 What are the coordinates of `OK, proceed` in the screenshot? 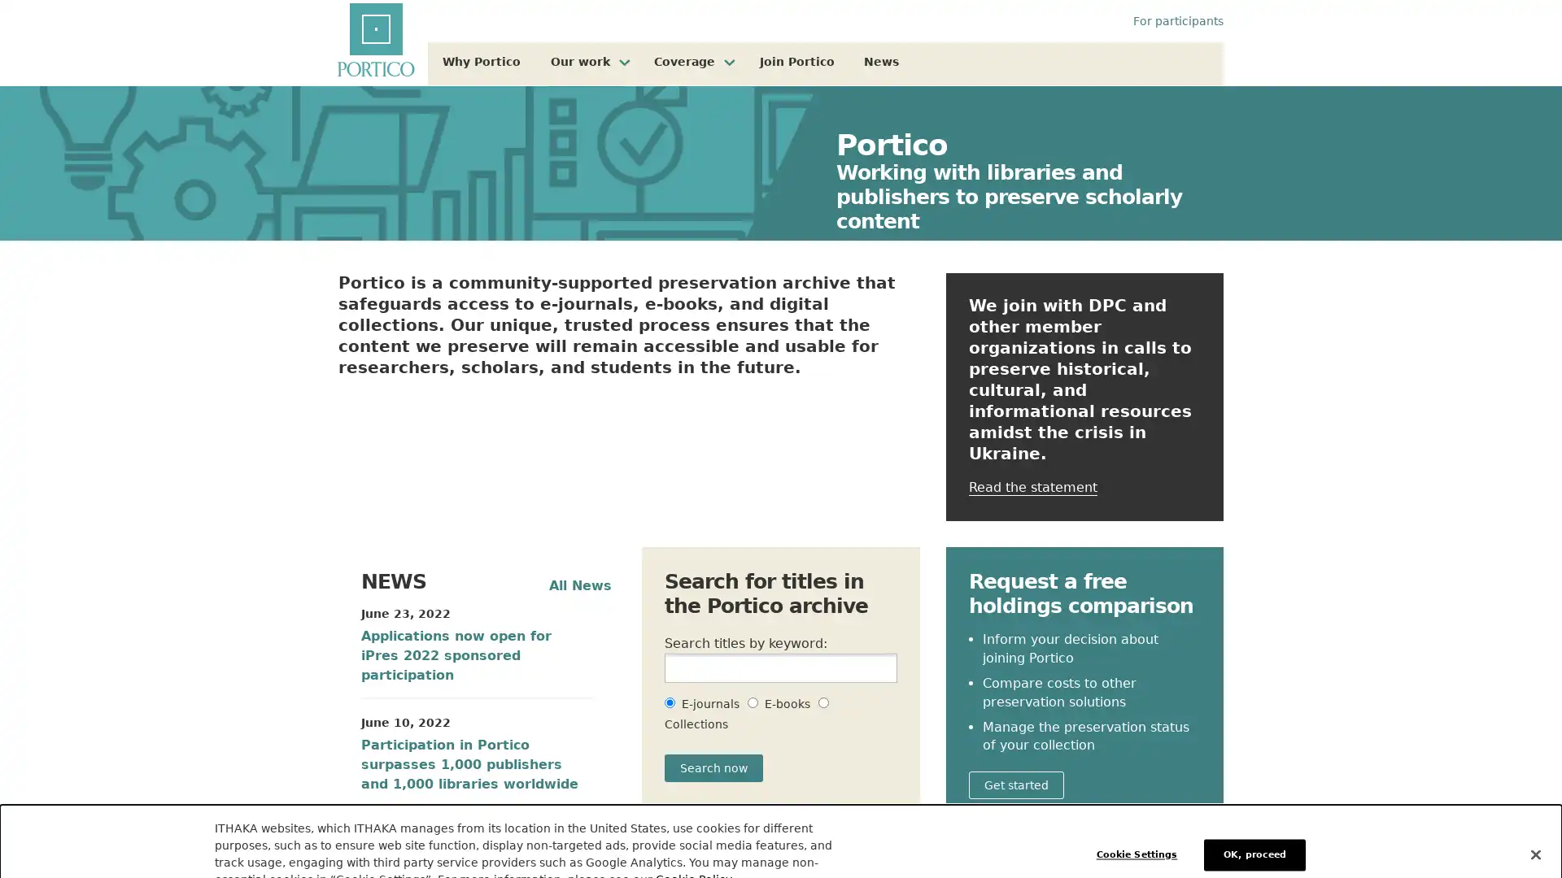 It's located at (1254, 825).